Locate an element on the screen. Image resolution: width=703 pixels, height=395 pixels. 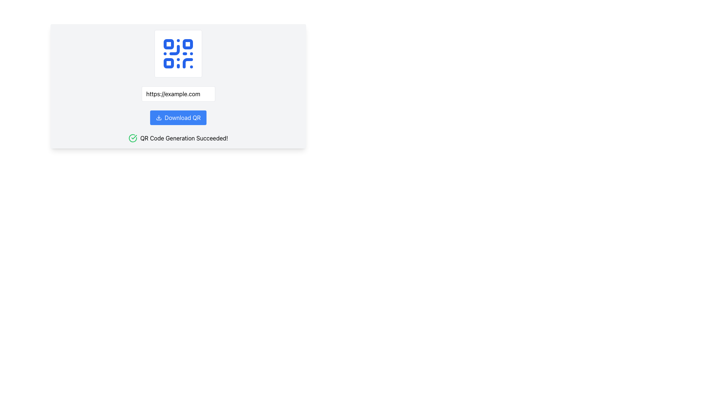
the small blue square with rounded corners that is the second square within the QR code icon, located above the URL input field is located at coordinates (188, 44).